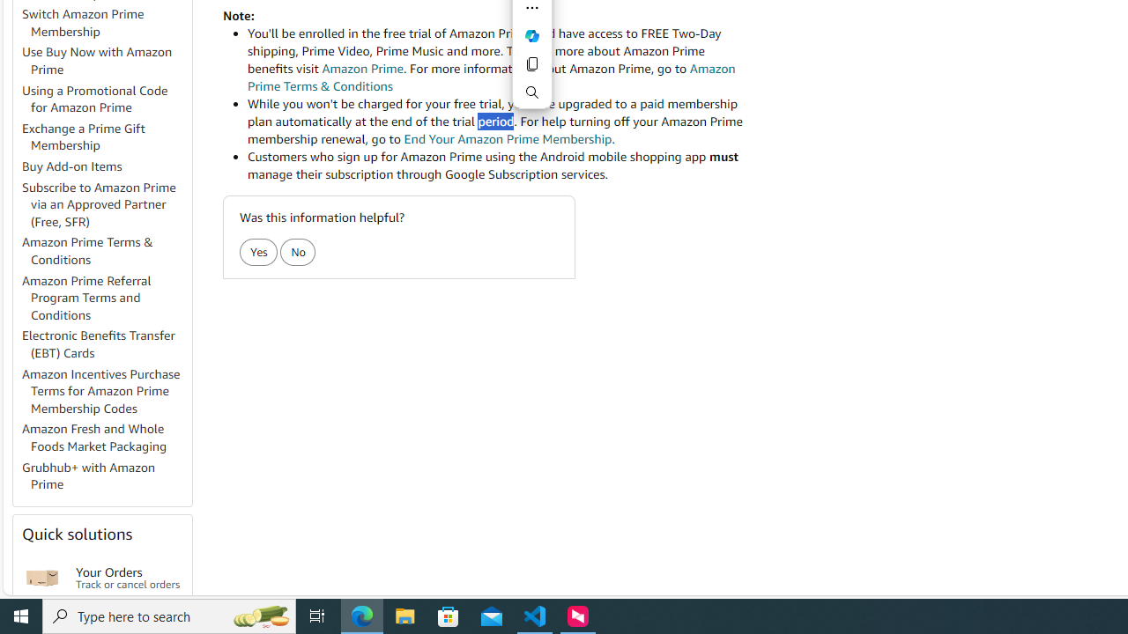 The height and width of the screenshot is (634, 1128). I want to click on 'Your Orders Track or cancel orders', so click(127, 578).